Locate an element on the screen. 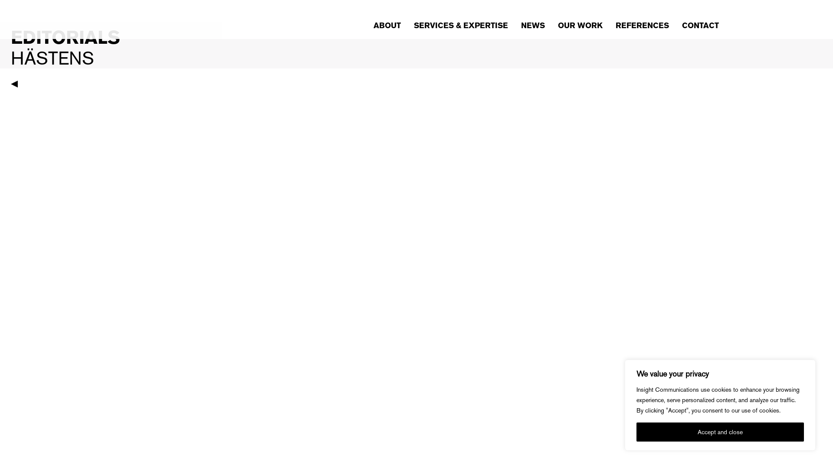  'Accept and close' is located at coordinates (720, 432).